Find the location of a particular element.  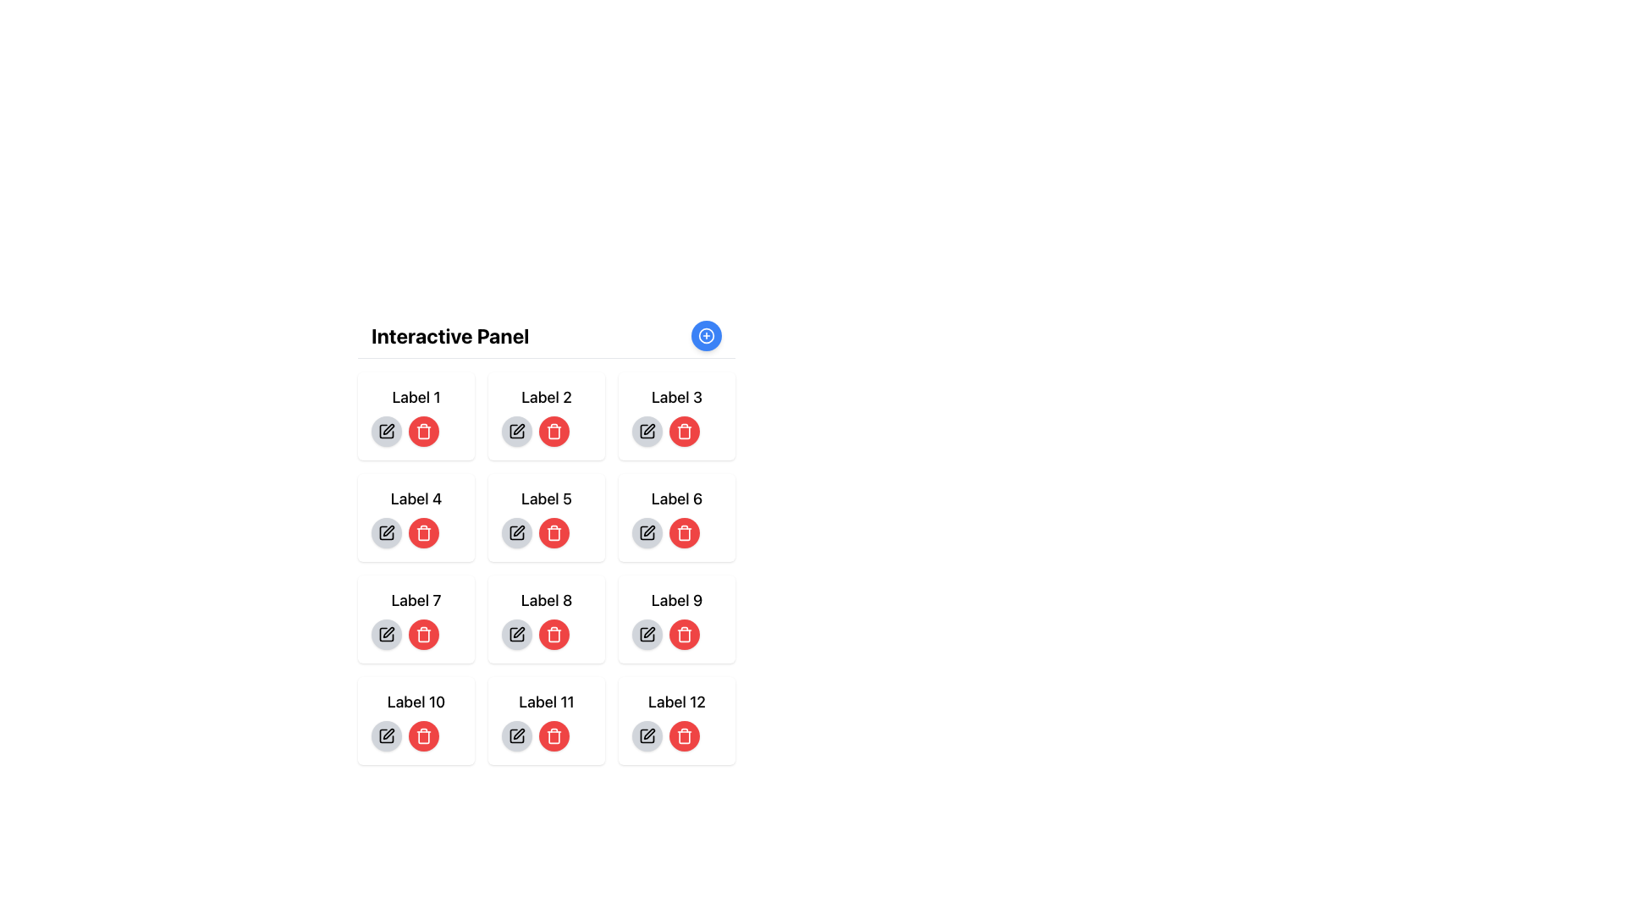

the circular red delete button with a white trash can icon located in the second row of the grid under the 'Interactive Panel' heading to trigger a UI response is located at coordinates (554, 430).